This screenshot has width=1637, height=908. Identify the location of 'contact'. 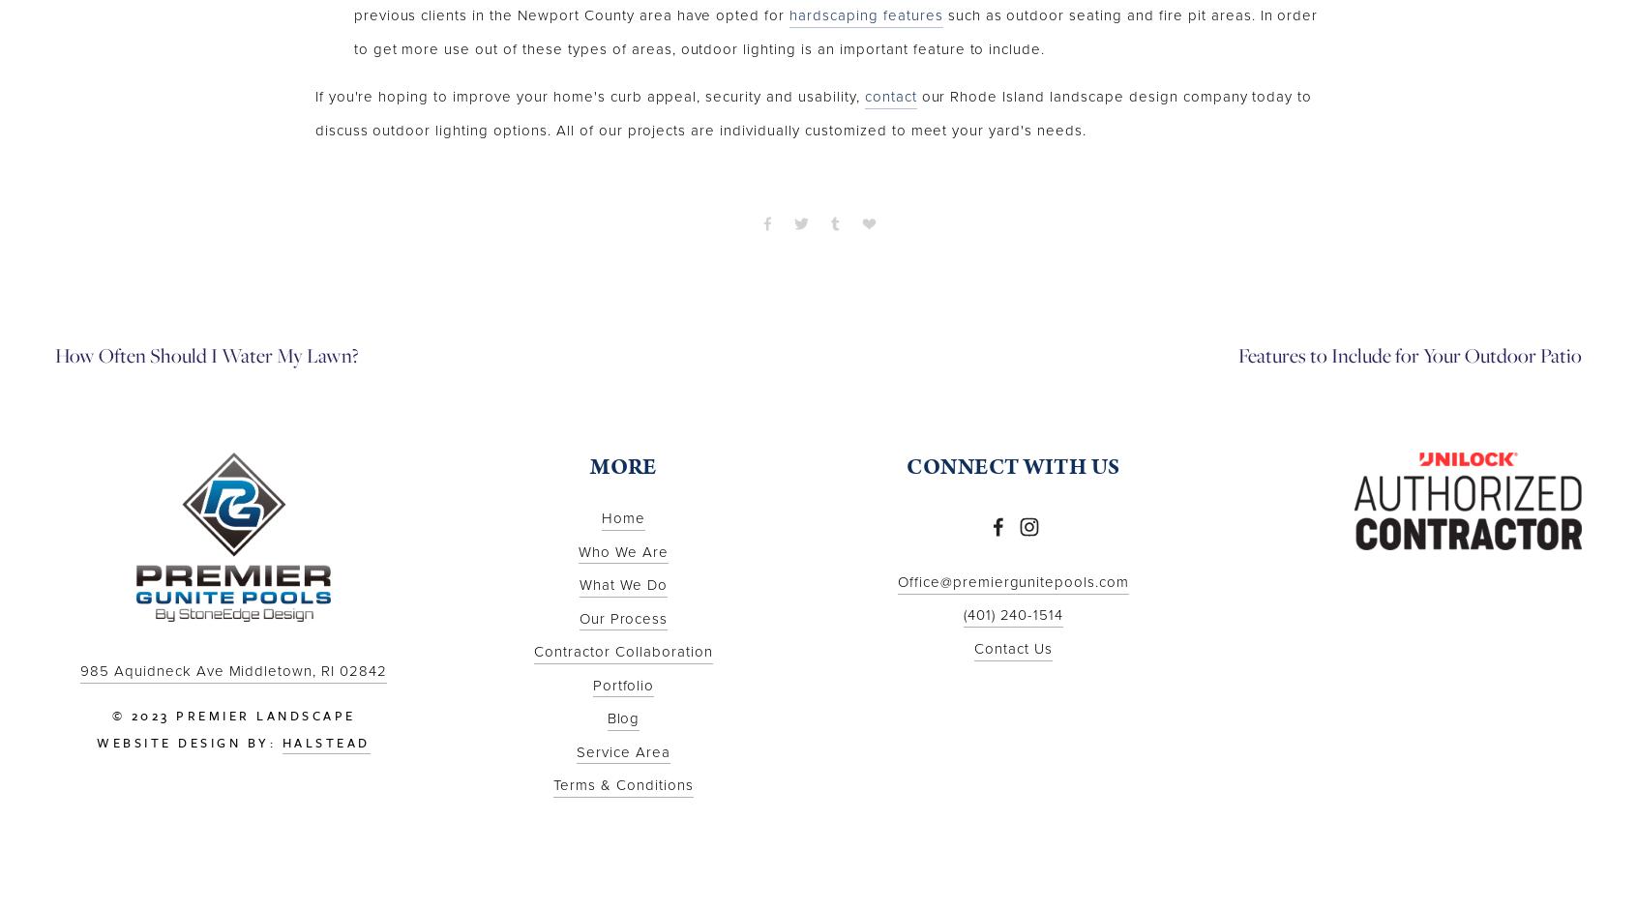
(863, 97).